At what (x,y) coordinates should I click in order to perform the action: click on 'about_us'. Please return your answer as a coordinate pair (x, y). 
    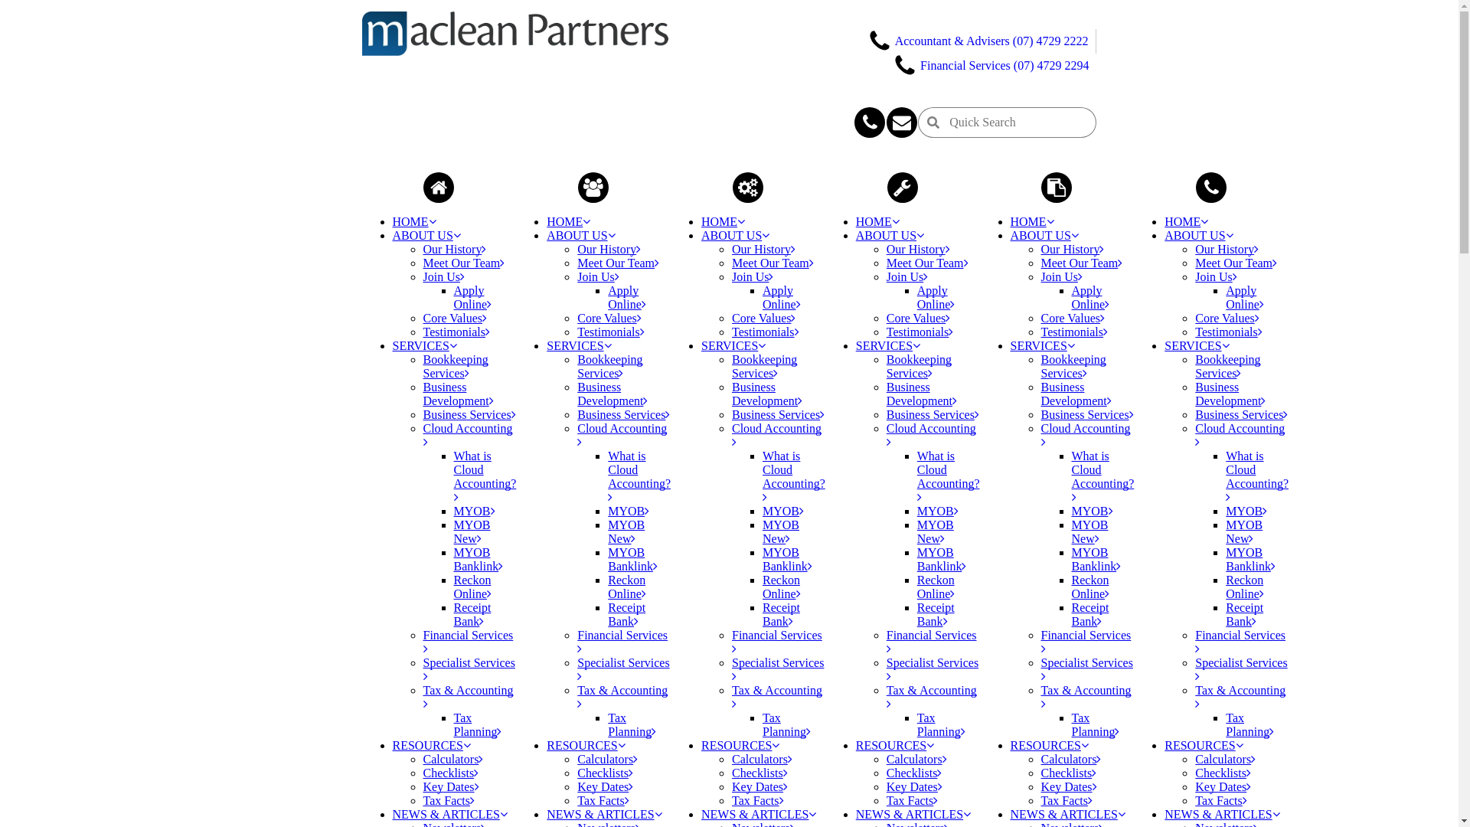
    Looking at the image, I should click on (592, 187).